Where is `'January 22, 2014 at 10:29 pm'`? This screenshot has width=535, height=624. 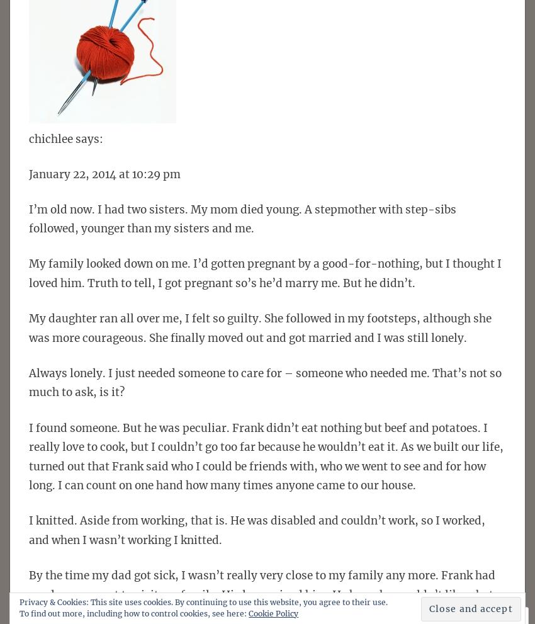
'January 22, 2014 at 10:29 pm' is located at coordinates (104, 173).